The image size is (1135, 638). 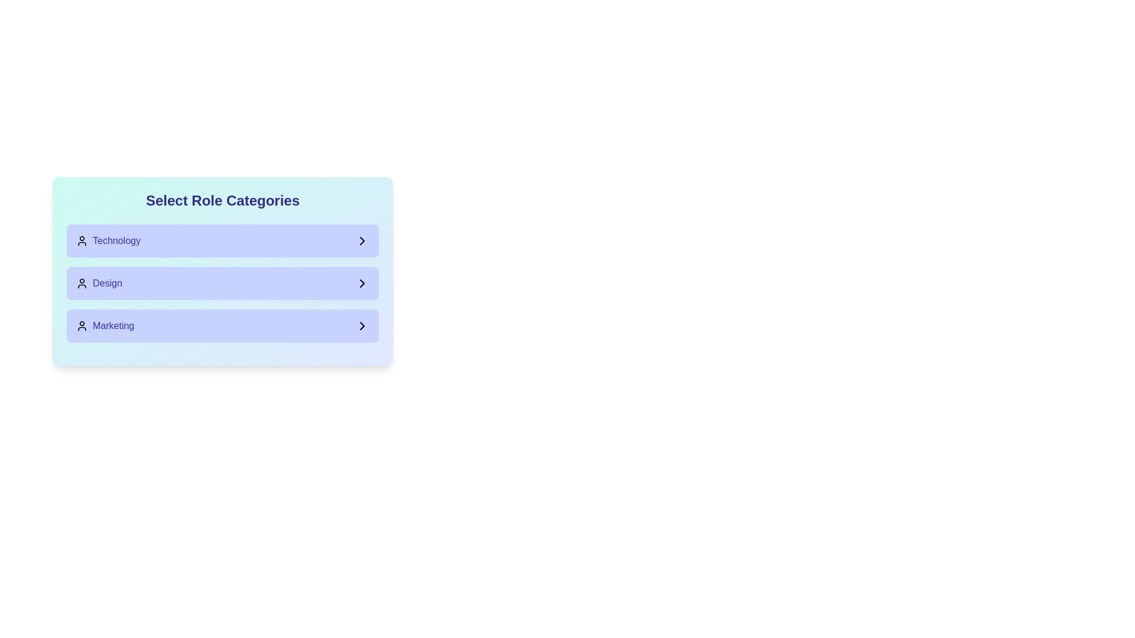 What do you see at coordinates (108, 240) in the screenshot?
I see `the 'Technology' category selector using keyboard navigation` at bounding box center [108, 240].